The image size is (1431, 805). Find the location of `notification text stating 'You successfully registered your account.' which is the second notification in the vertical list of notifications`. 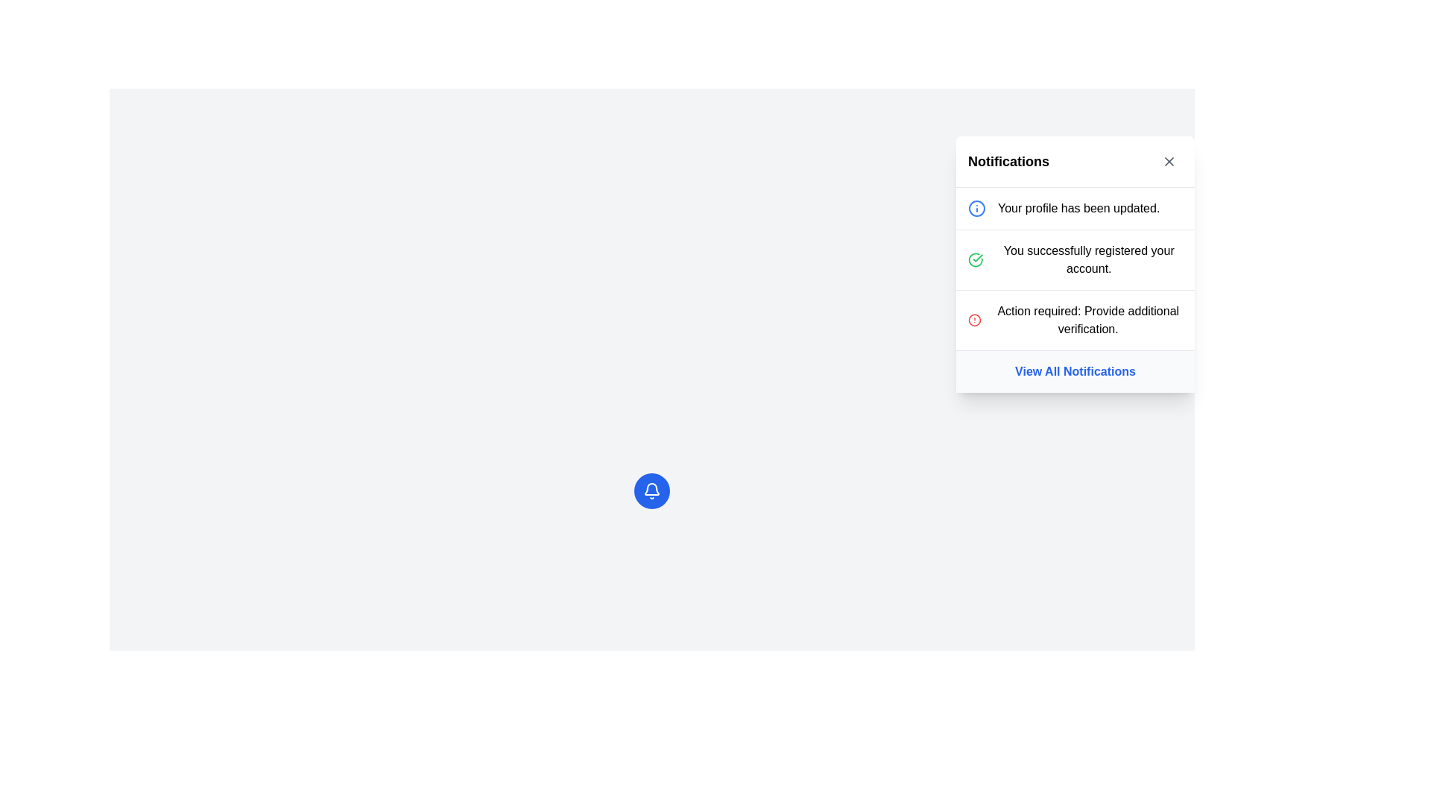

notification text stating 'You successfully registered your account.' which is the second notification in the vertical list of notifications is located at coordinates (1075, 259).